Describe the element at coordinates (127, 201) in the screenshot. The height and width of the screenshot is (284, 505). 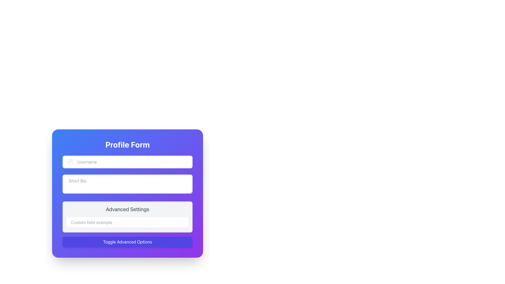
I see `the Label or Section Header that denotes the area for advanced settings in the Profile Form, located between the 'Short Bio' text input and the 'Toggle Advanced Options' button` at that location.